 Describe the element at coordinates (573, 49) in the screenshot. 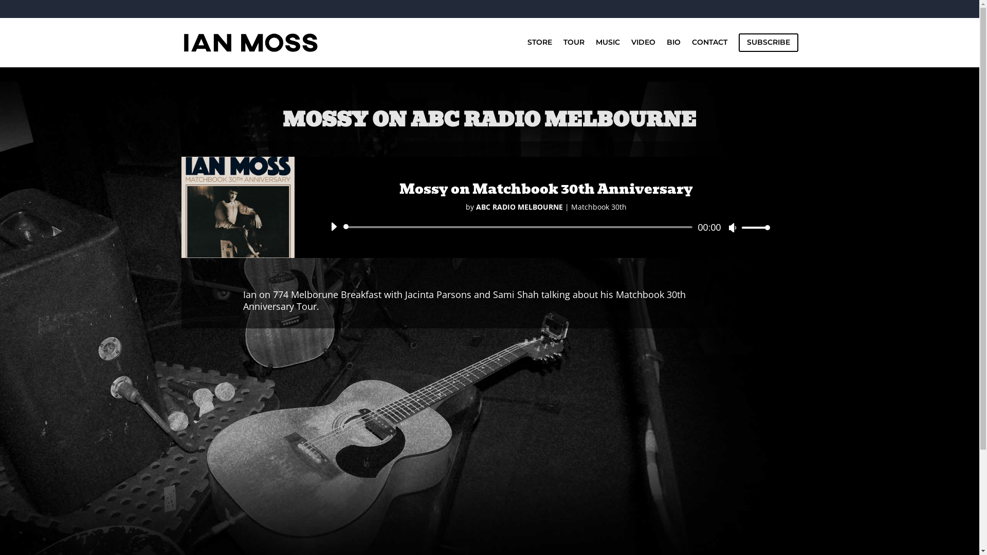

I see `'TOUR'` at that location.